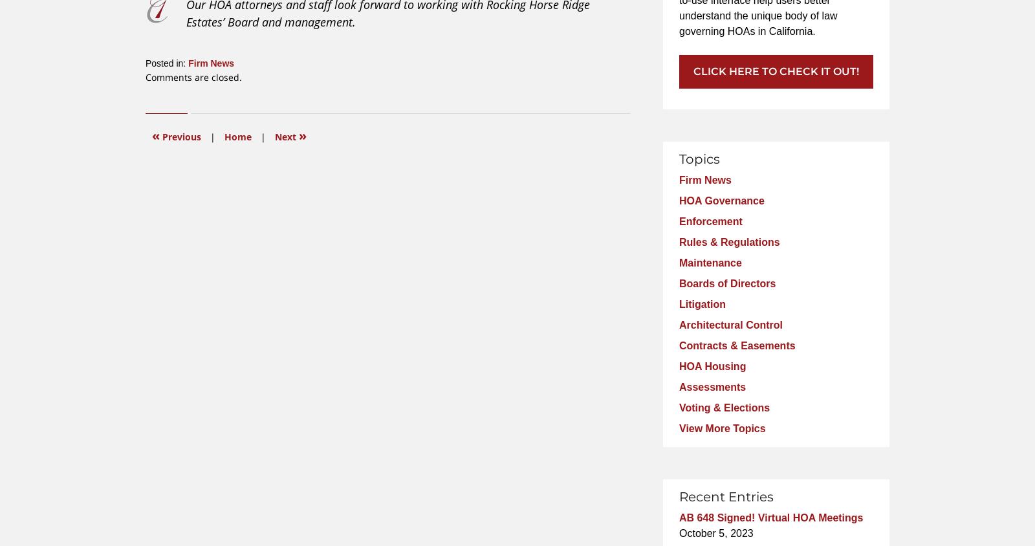 Image resolution: width=1035 pixels, height=546 pixels. Describe the element at coordinates (193, 77) in the screenshot. I see `'Comments are closed.'` at that location.